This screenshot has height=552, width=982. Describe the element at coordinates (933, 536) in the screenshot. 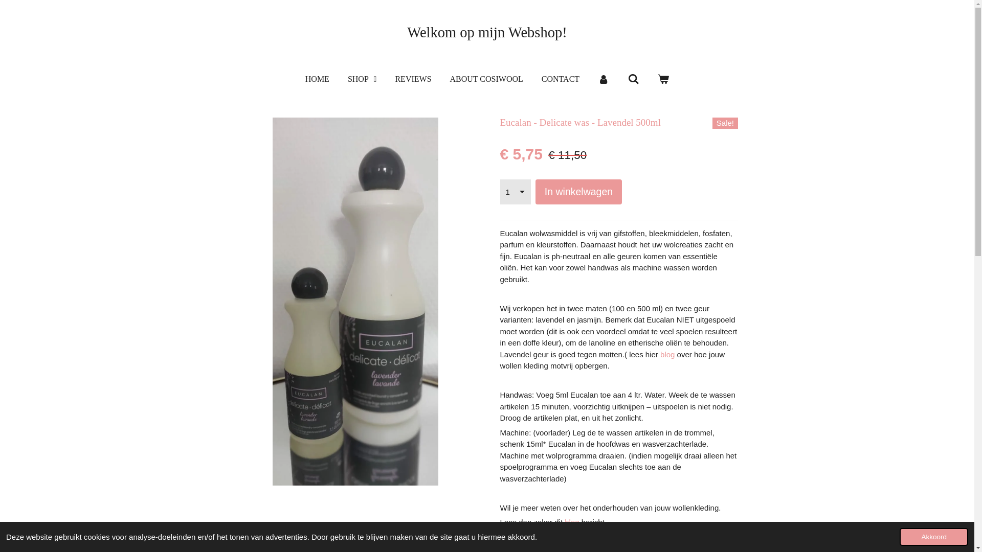

I see `'Akkoord'` at that location.